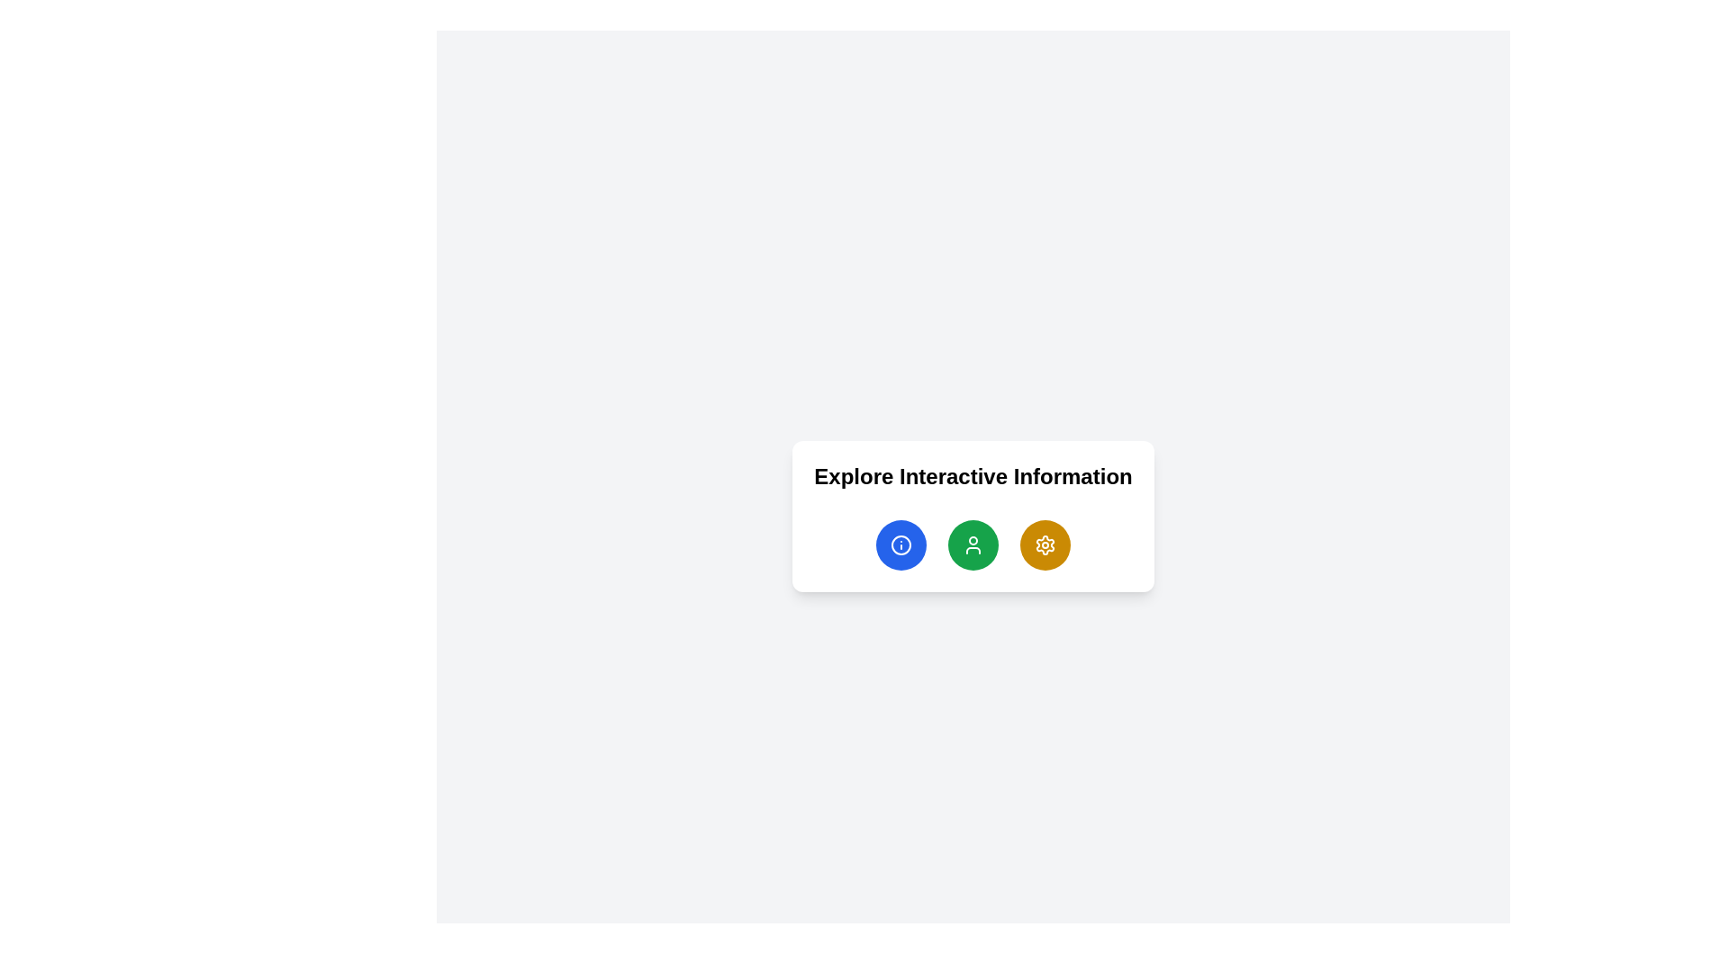 Image resolution: width=1729 pixels, height=972 pixels. Describe the element at coordinates (1046, 544) in the screenshot. I see `the third circular icon button in the card labeled 'Explore Interactive Information'` at that location.